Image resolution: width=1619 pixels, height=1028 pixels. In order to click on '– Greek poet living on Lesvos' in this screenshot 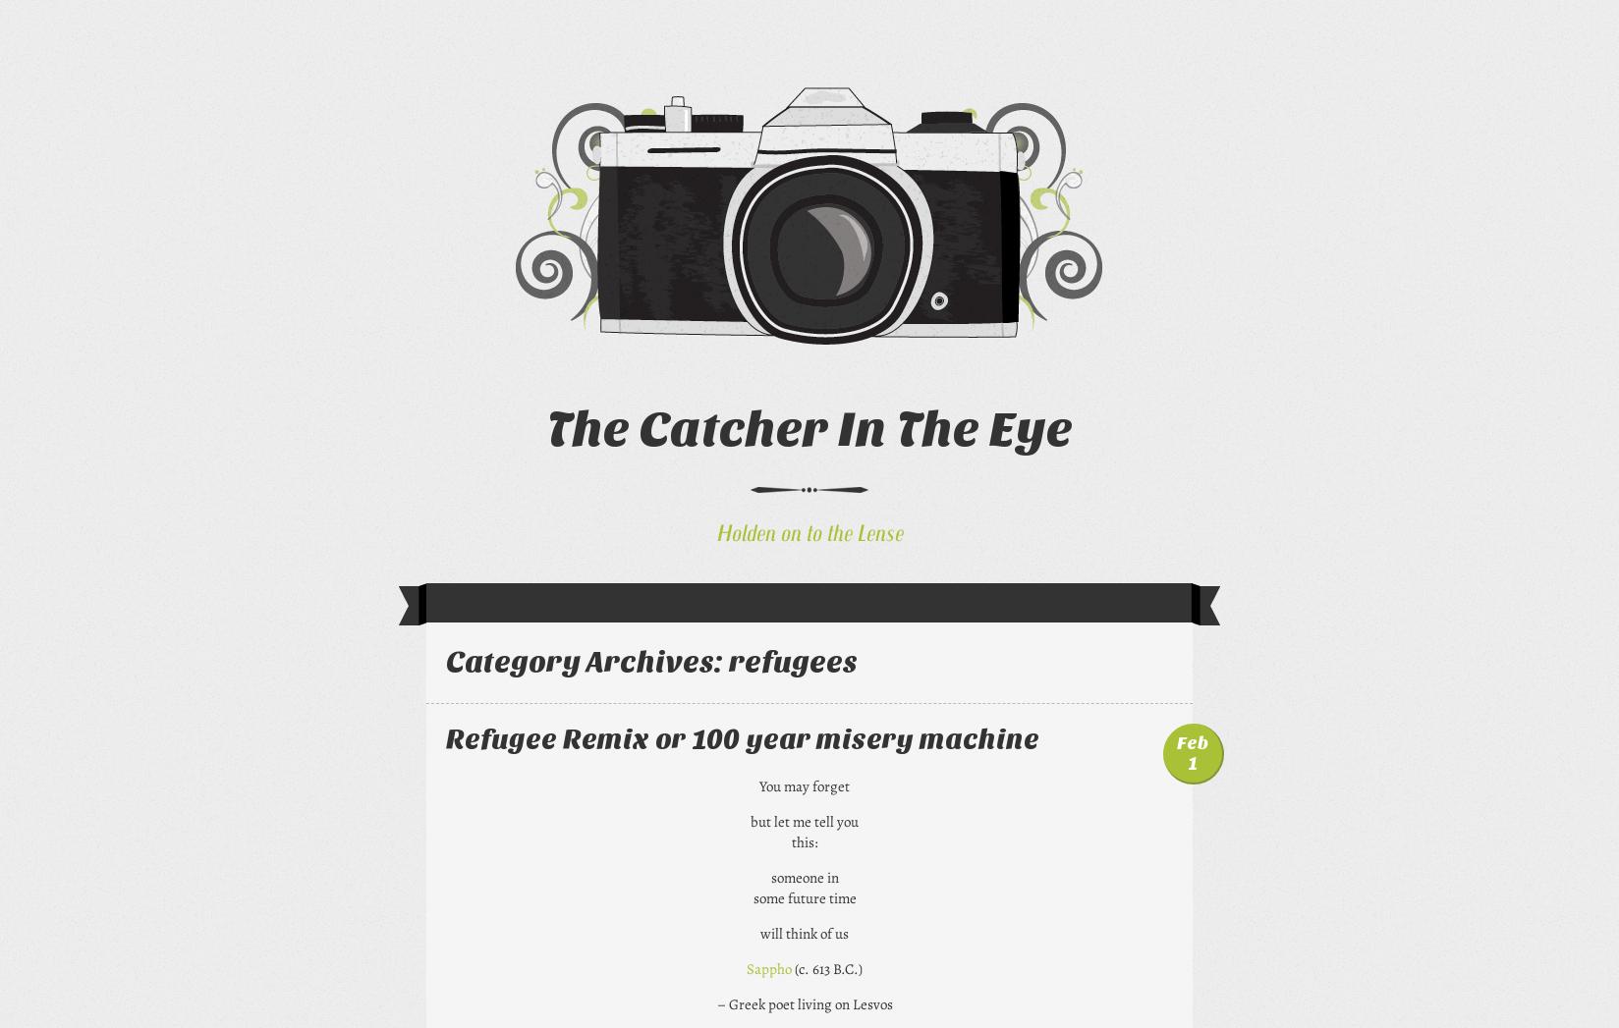, I will do `click(715, 1002)`.